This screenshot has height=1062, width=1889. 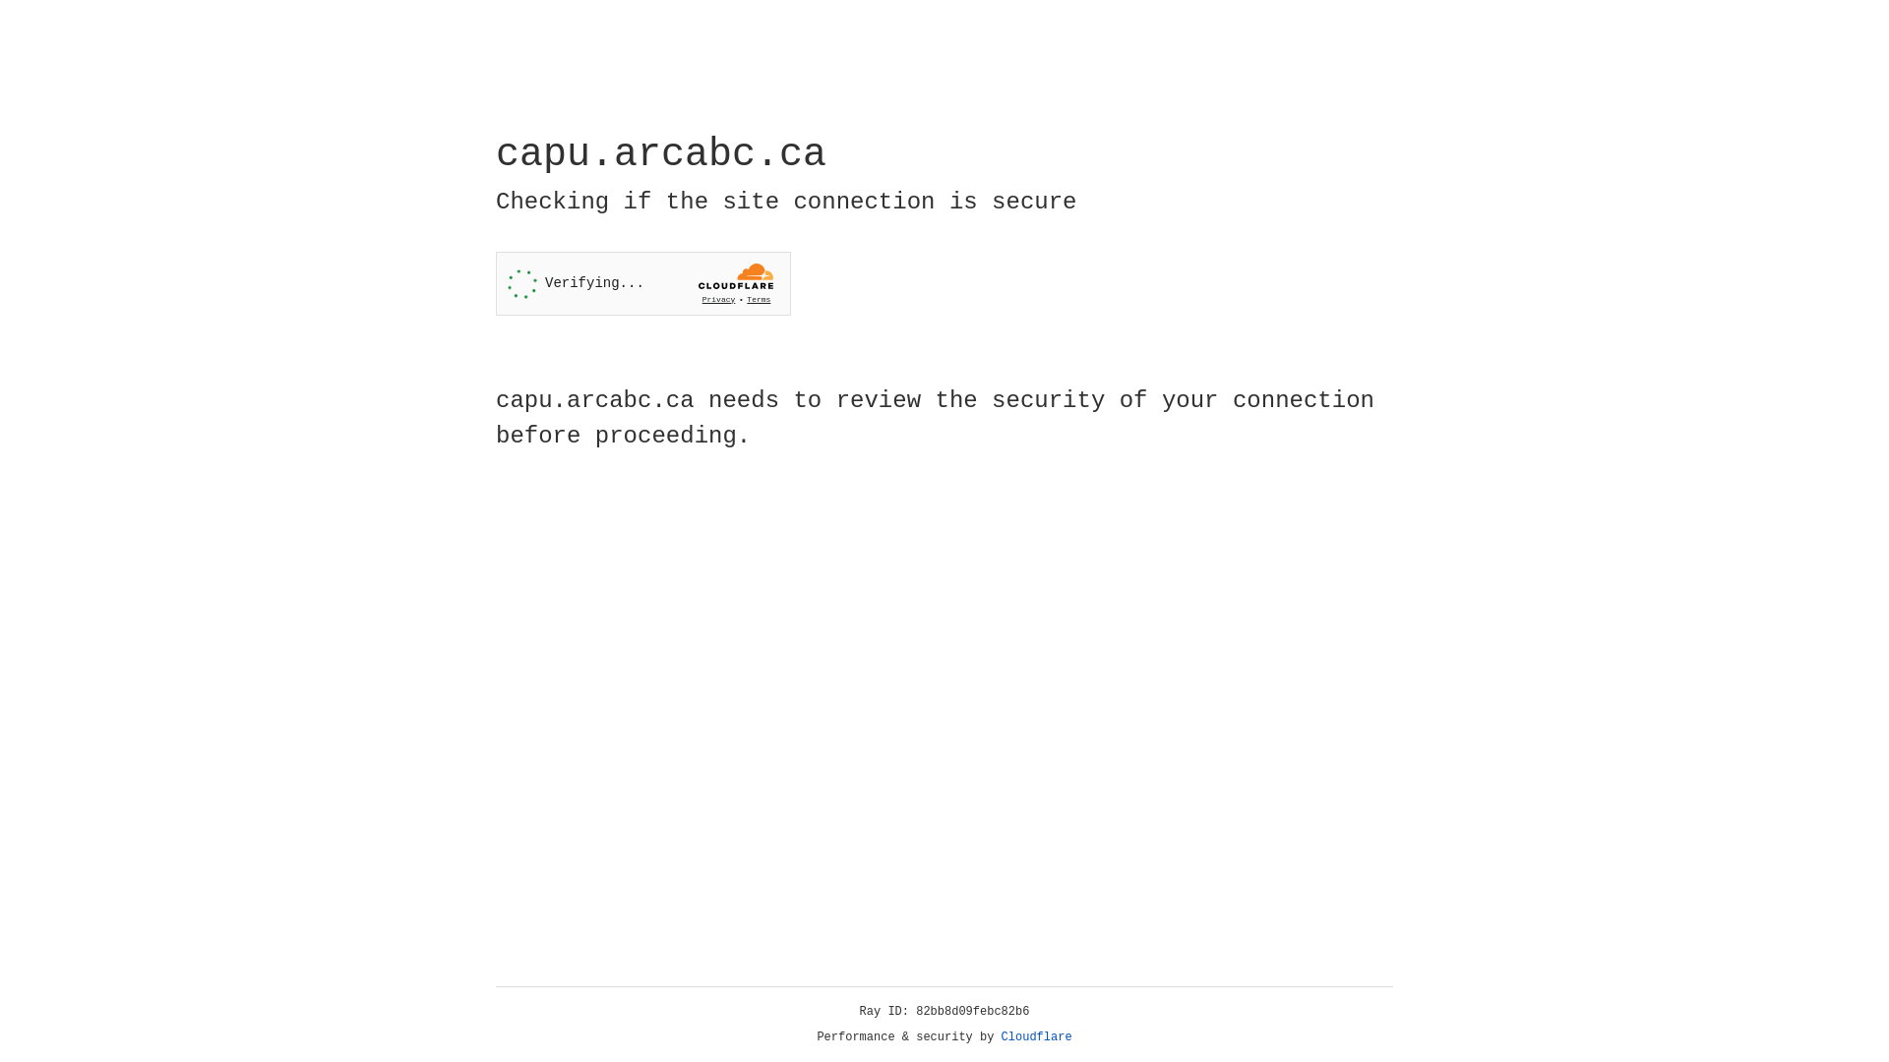 What do you see at coordinates (1001, 1036) in the screenshot?
I see `'Cloudflare'` at bounding box center [1001, 1036].